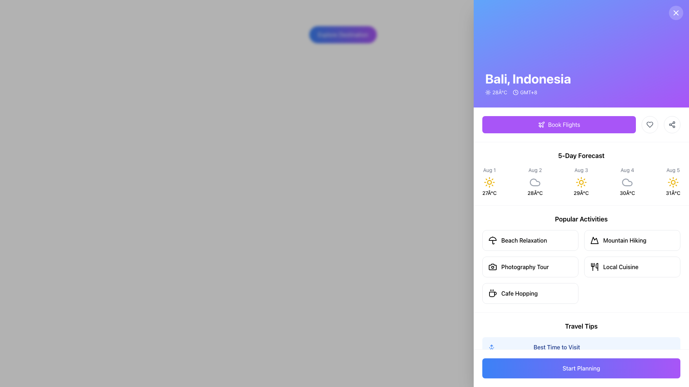  What do you see at coordinates (492, 240) in the screenshot?
I see `the 'Beach Relaxation' icon in the 'Popular Activities' section, located at the top-left corner adjacent to the text label 'Beach Relaxation'` at bounding box center [492, 240].